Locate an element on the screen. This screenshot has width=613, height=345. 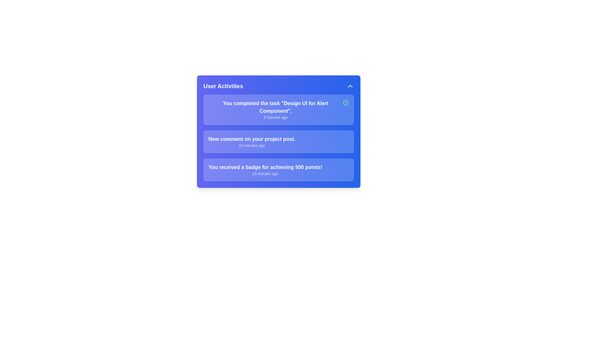
the Notification card that informs the user about earning a badge for reaching 500 points, located at the bottom of the 'User Activities' panel is located at coordinates (279, 170).